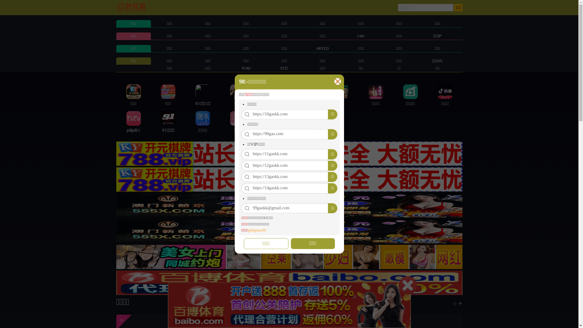  Describe the element at coordinates (322, 48) in the screenshot. I see `'HEYZO'` at that location.